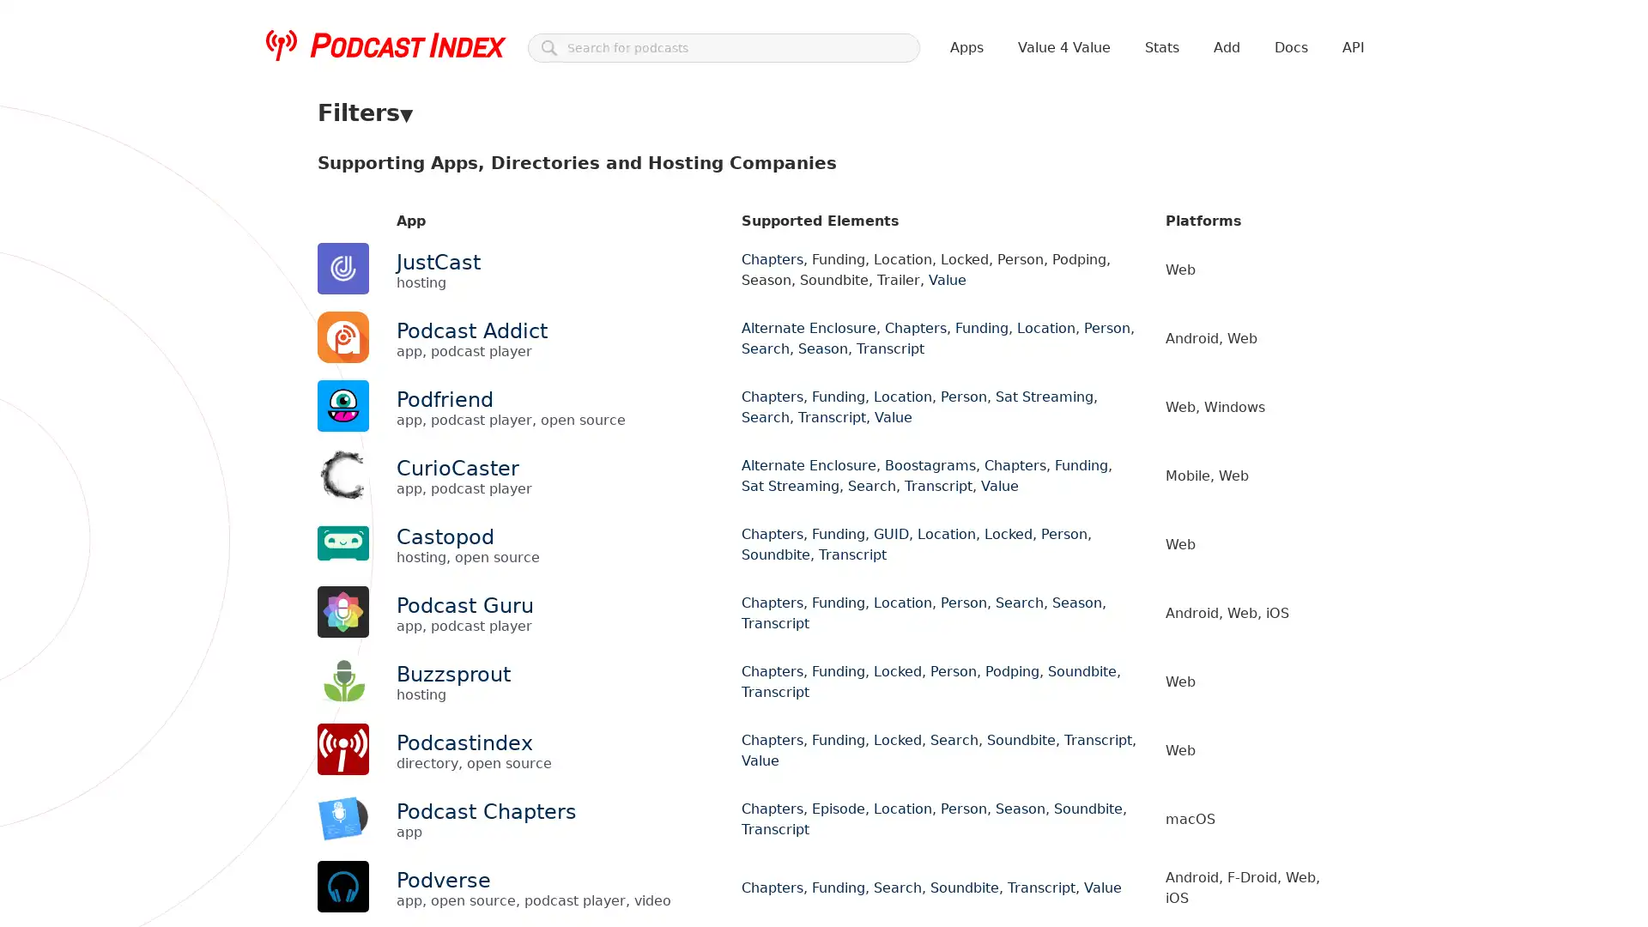  I want to click on Linux, so click(1009, 352).